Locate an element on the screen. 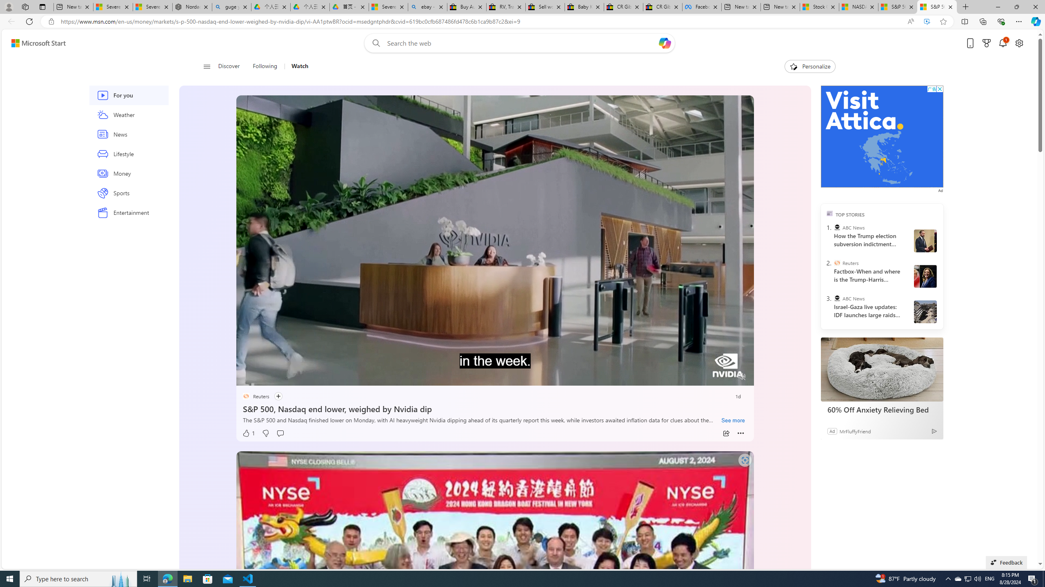  'Buy Auto Parts & Accessories | eBay' is located at coordinates (467, 7).